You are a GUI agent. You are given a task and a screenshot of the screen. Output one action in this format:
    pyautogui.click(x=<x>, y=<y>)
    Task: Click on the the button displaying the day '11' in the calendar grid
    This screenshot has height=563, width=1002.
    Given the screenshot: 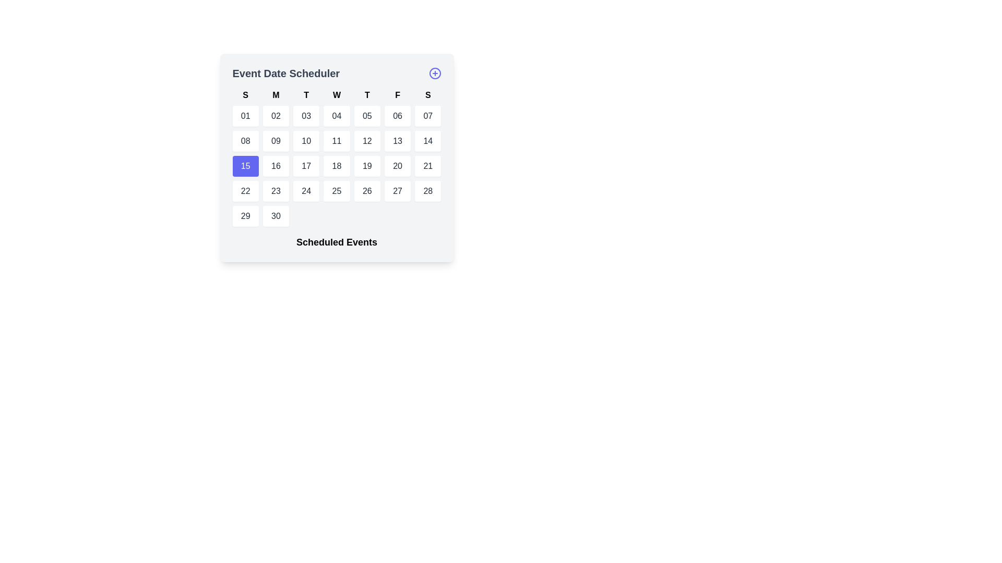 What is the action you would take?
    pyautogui.click(x=337, y=141)
    